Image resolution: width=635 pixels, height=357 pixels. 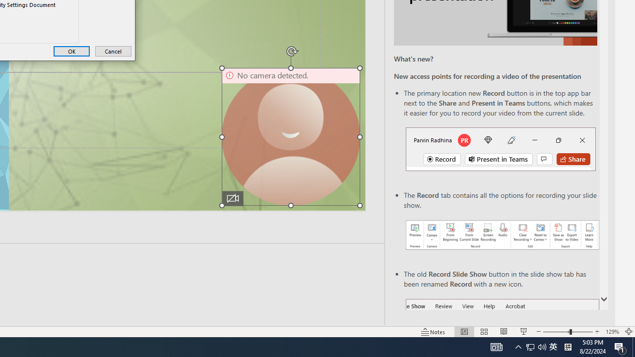 What do you see at coordinates (503, 235) in the screenshot?
I see `'Record your presentations screenshot one'` at bounding box center [503, 235].